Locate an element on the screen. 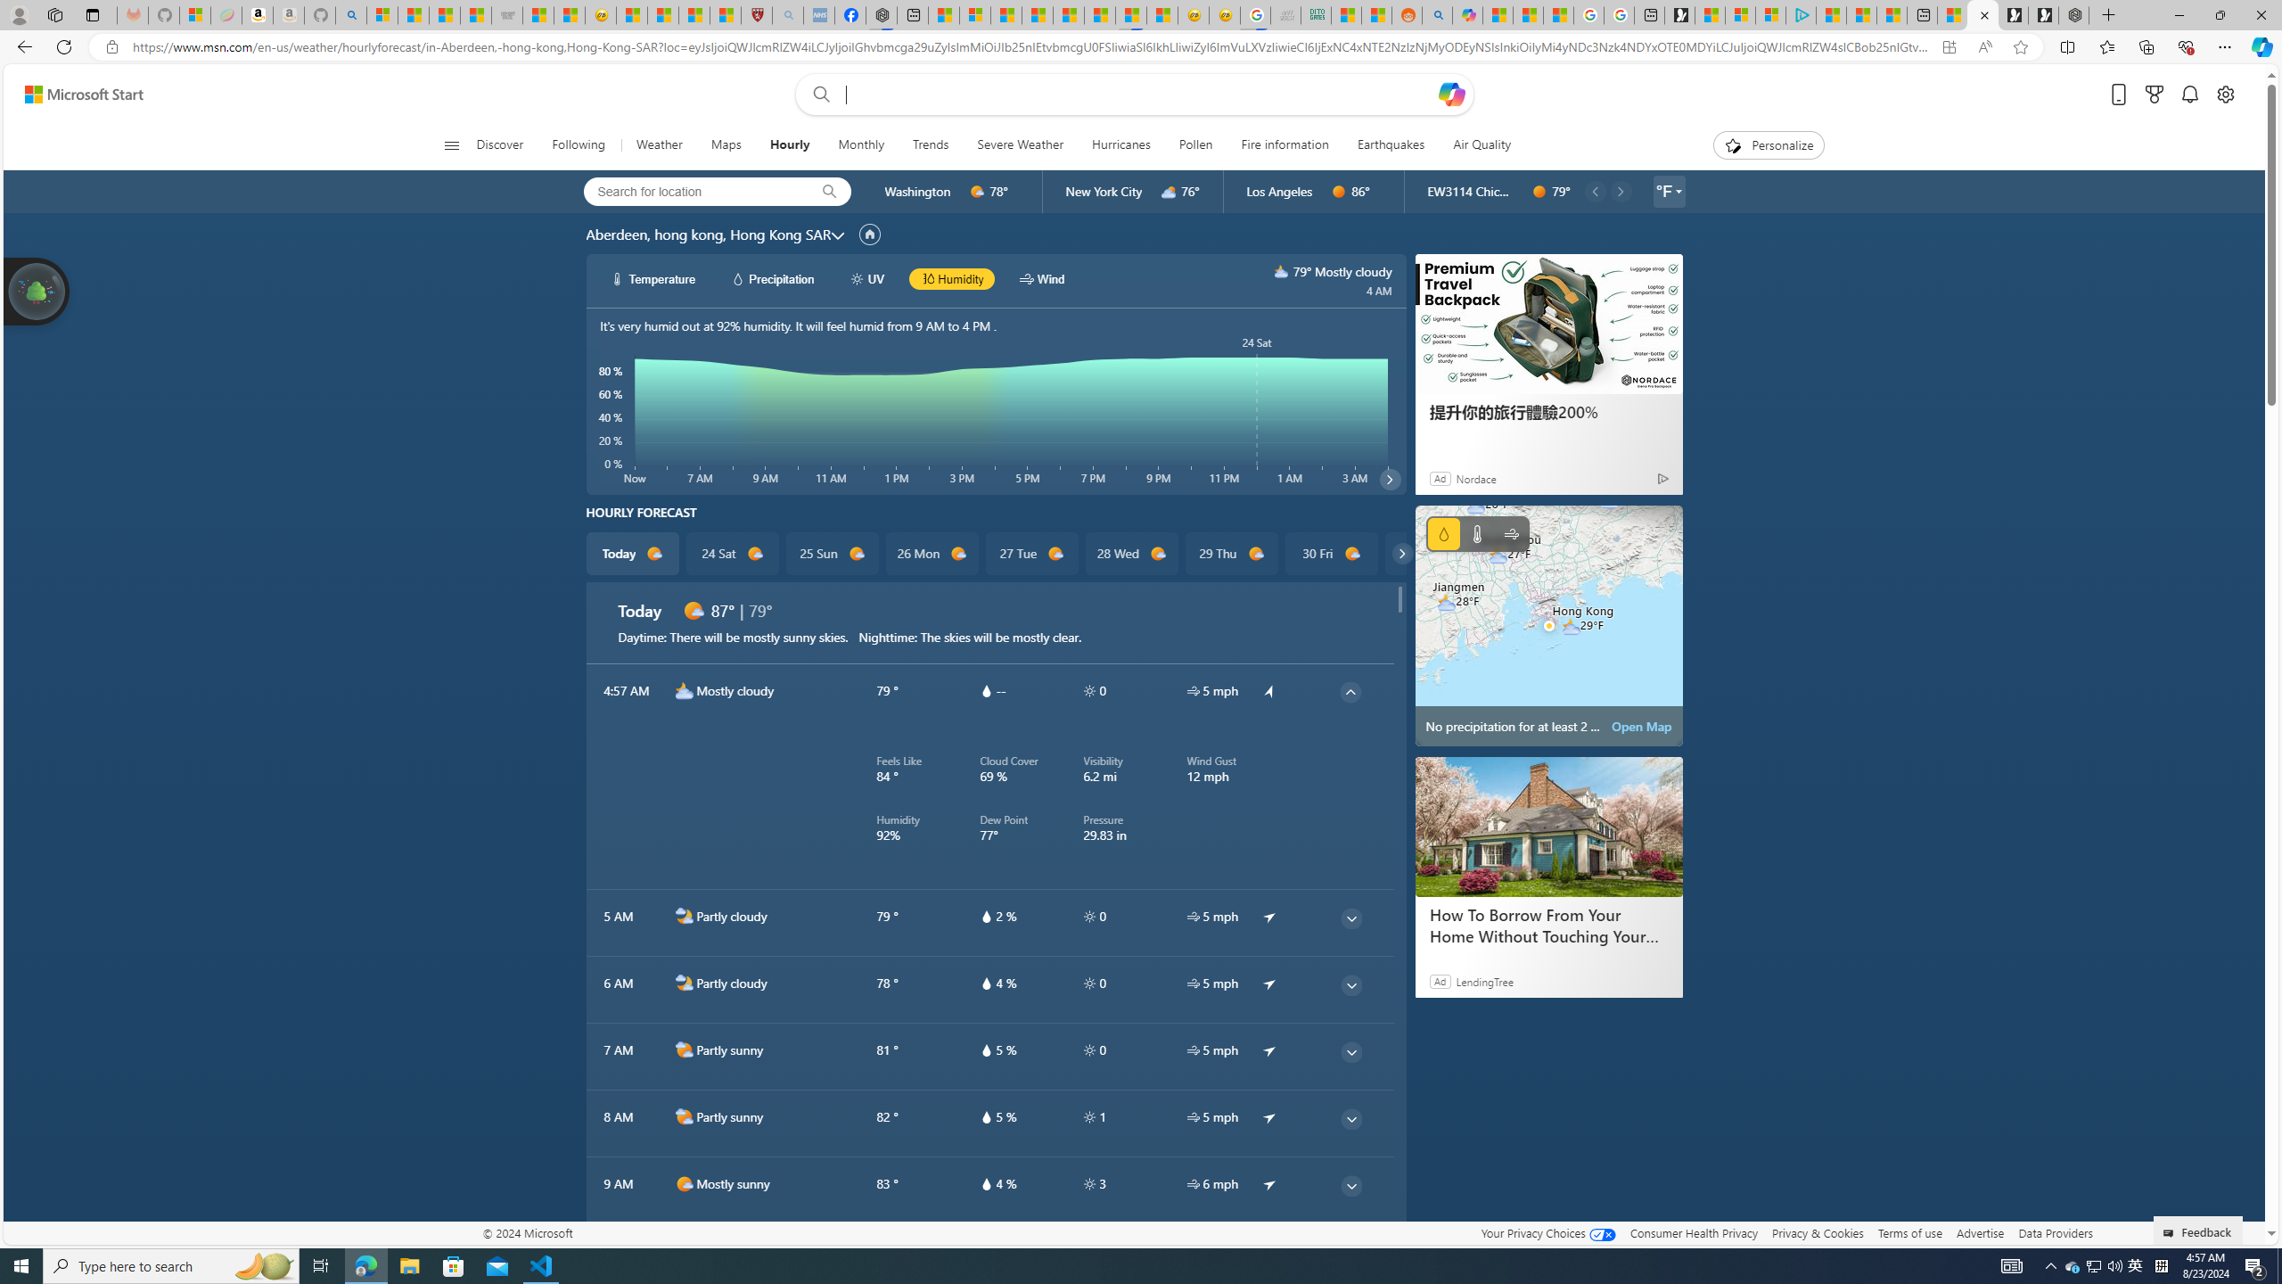 The image size is (2282, 1284). 'Search for location' is located at coordinates (690, 191).